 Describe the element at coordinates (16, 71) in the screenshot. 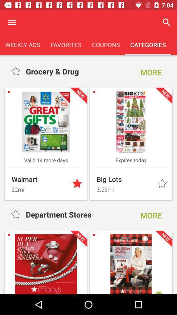

I see `mark as favorite` at that location.